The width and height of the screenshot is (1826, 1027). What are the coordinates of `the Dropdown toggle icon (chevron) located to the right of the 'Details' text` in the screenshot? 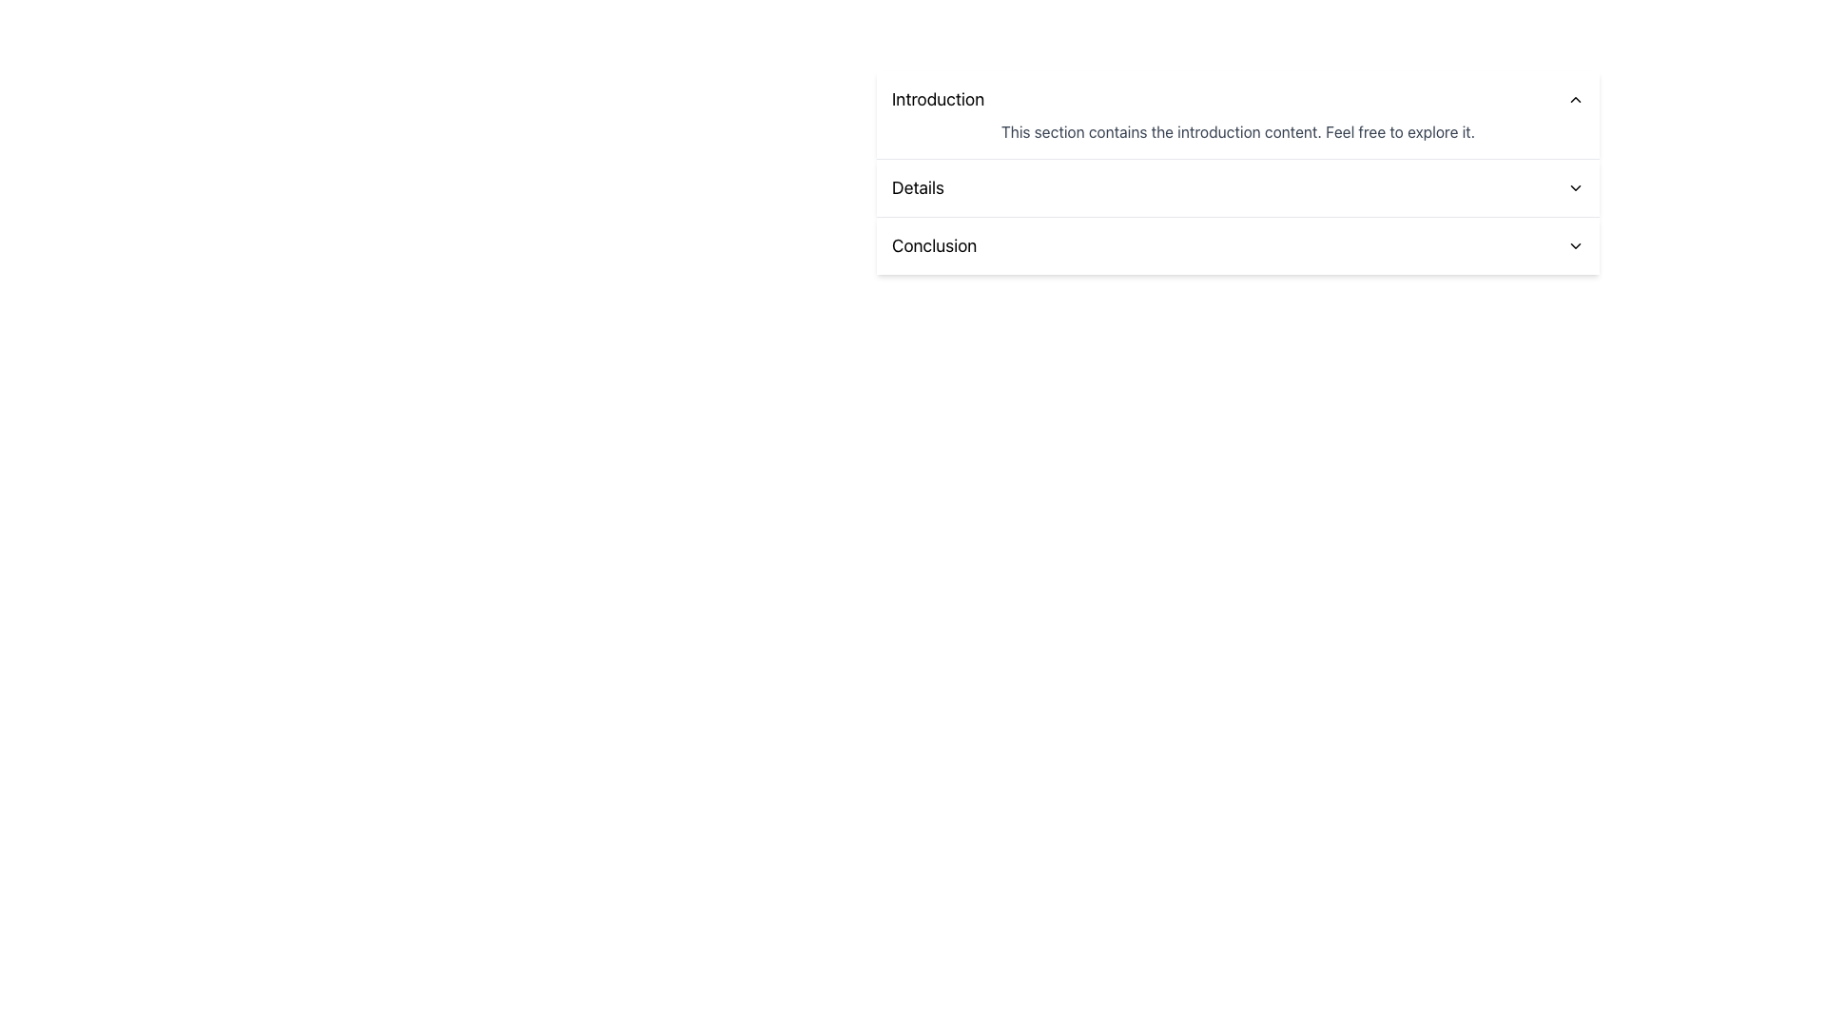 It's located at (1575, 187).